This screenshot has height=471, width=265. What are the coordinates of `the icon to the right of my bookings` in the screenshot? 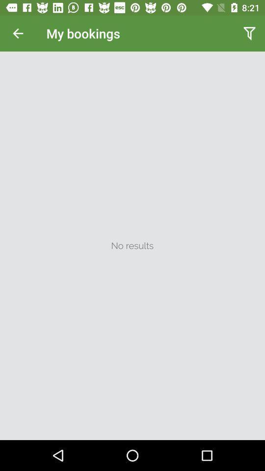 It's located at (249, 33).